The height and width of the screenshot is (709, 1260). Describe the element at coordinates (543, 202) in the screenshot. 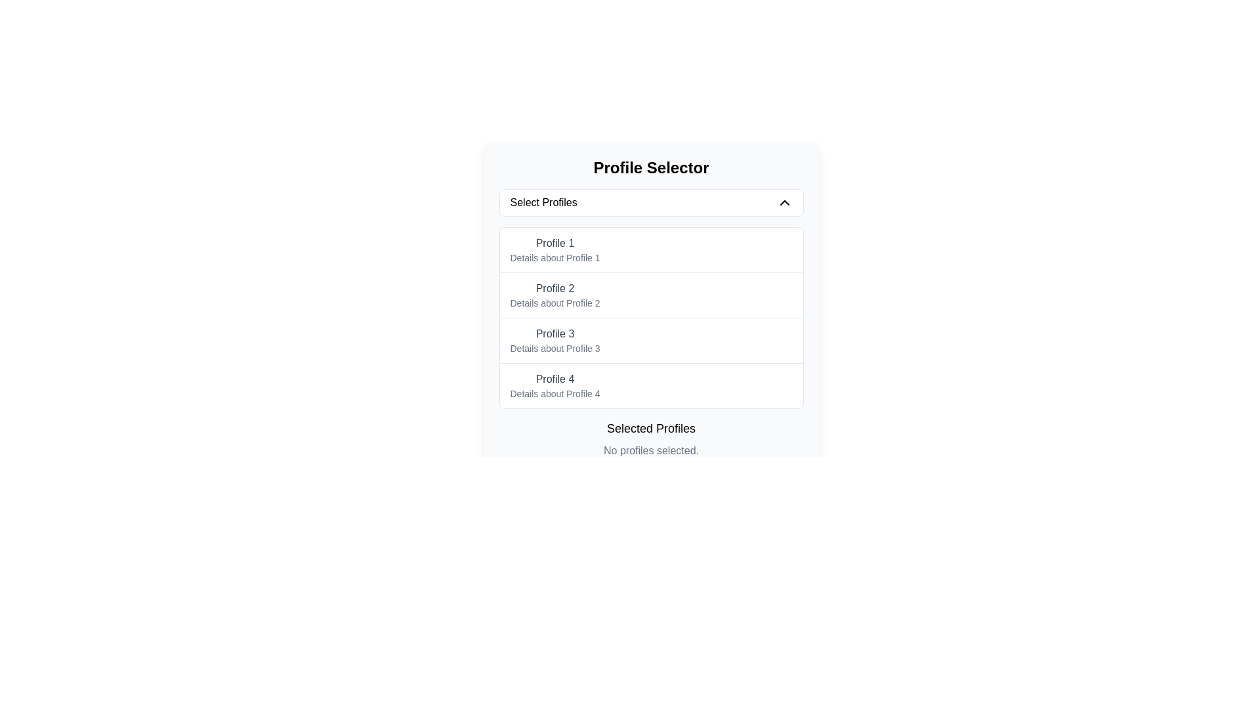

I see `text content of the 'Select Profiles' label located at the upper left corner of the dropdown control` at that location.